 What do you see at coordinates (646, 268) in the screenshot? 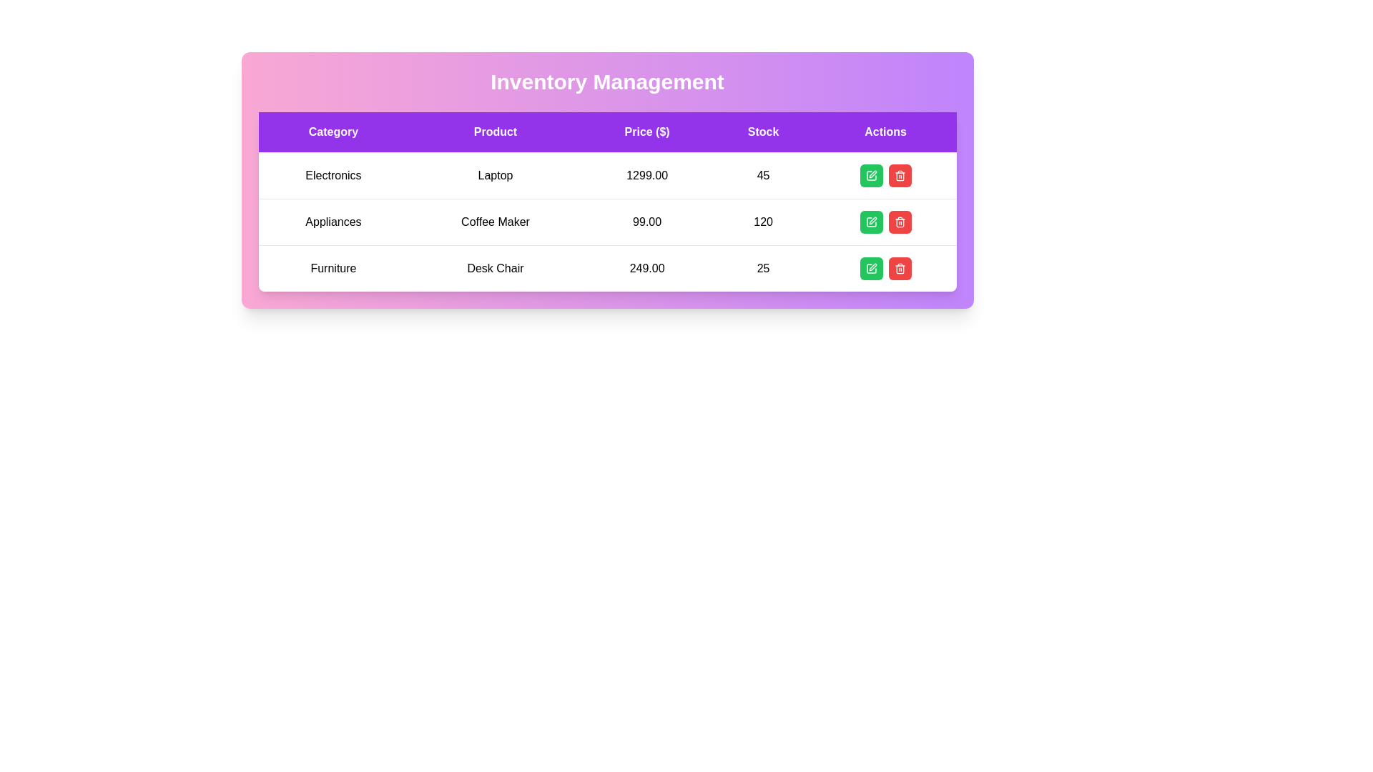
I see `the numeric text '249.00'` at bounding box center [646, 268].